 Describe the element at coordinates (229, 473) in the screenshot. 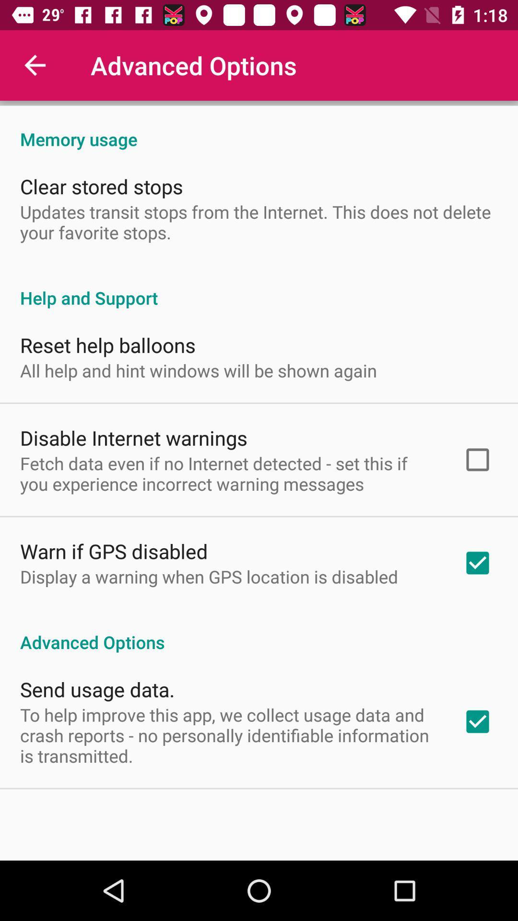

I see `the icon below the disable internet warnings` at that location.